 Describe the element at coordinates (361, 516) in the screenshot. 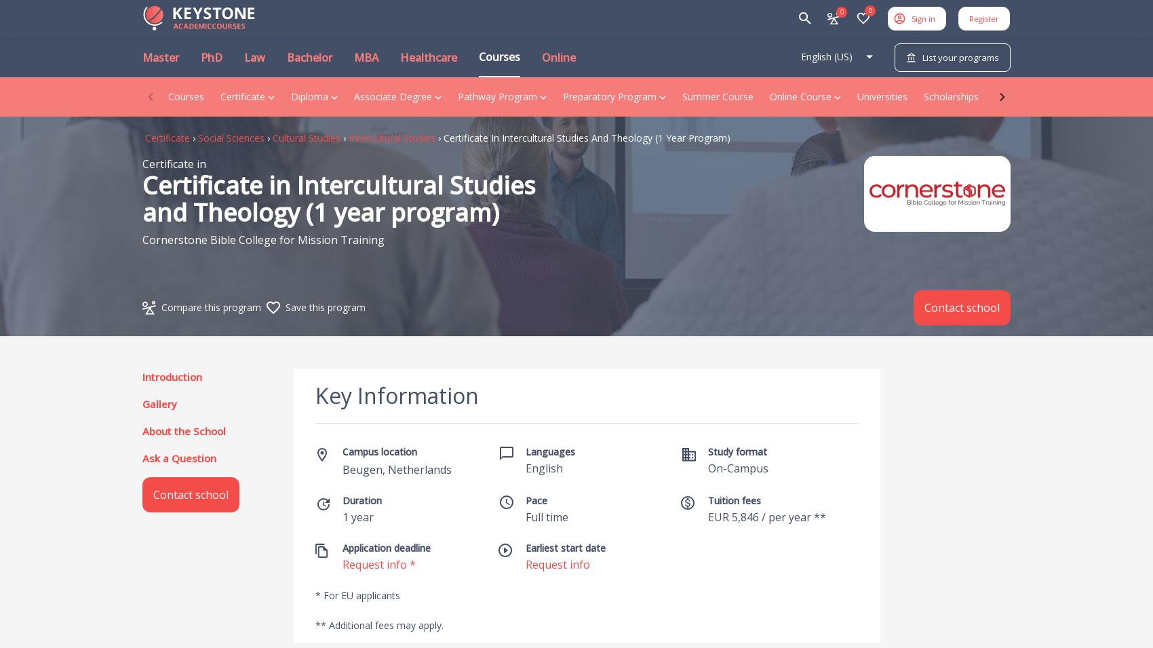

I see `'year'` at that location.